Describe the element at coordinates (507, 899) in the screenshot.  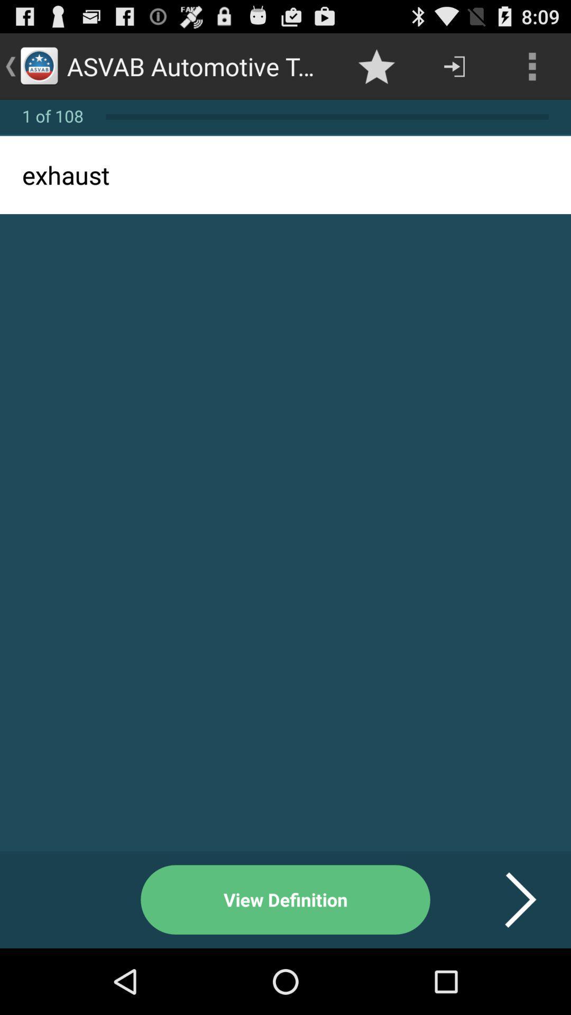
I see `the icon next to the view definition item` at that location.